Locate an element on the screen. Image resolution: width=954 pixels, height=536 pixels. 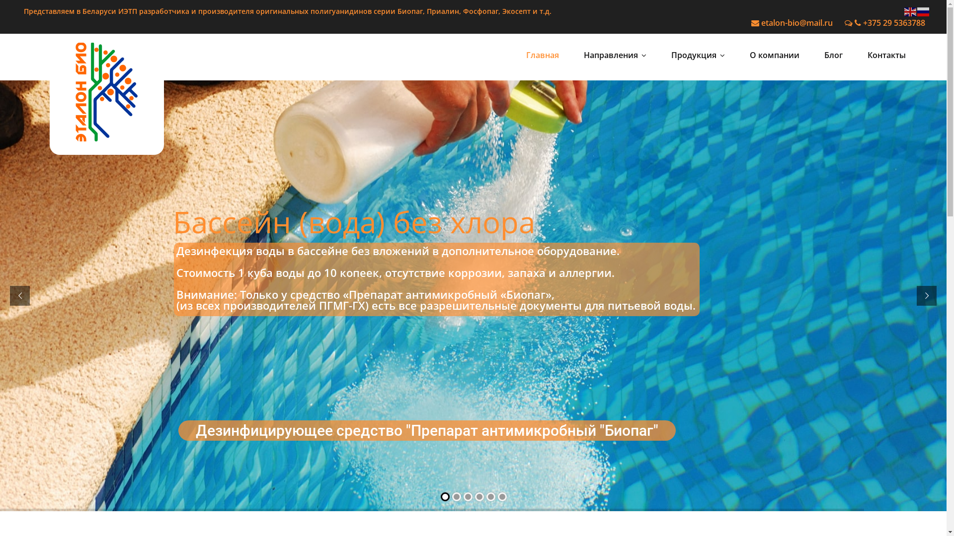
'English' is located at coordinates (911, 11).